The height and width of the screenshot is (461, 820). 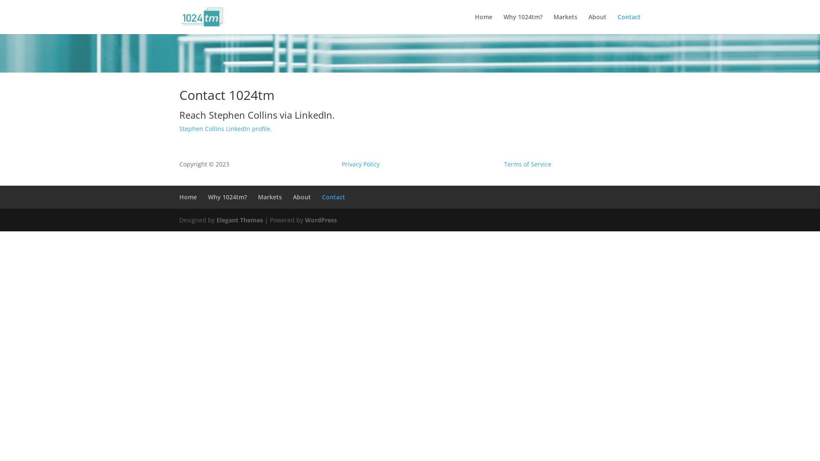 I want to click on 'Stephen Collins LinkedIn profile.', so click(x=225, y=128).